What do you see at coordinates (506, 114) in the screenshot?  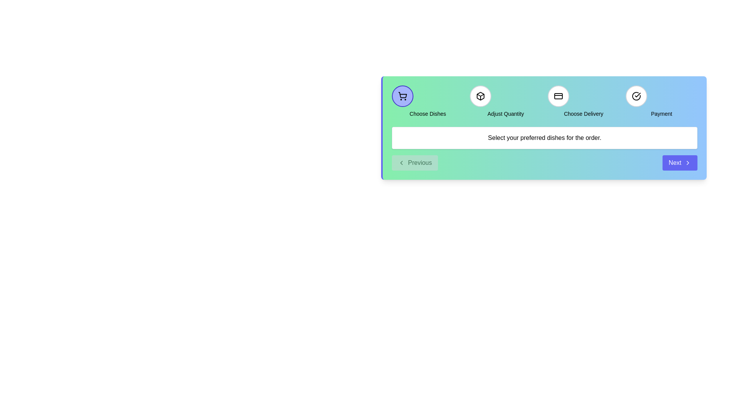 I see `the Text Label that guides users to the task 'Adjust Quantity'` at bounding box center [506, 114].